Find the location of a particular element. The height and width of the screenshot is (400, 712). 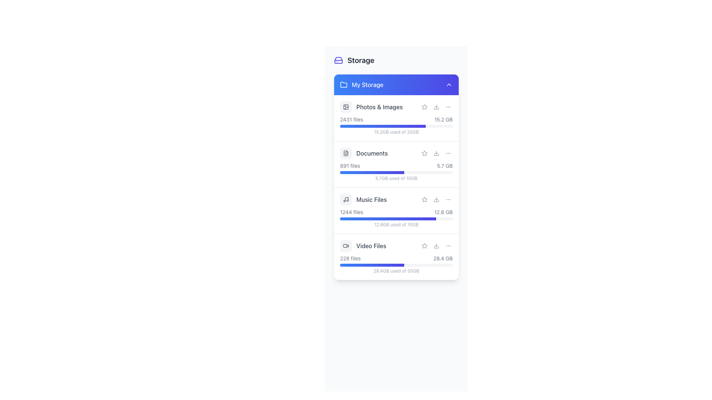

the circular button located to the right of the 'Photos & Images' section in the 'My Storage' area is located at coordinates (448, 107).